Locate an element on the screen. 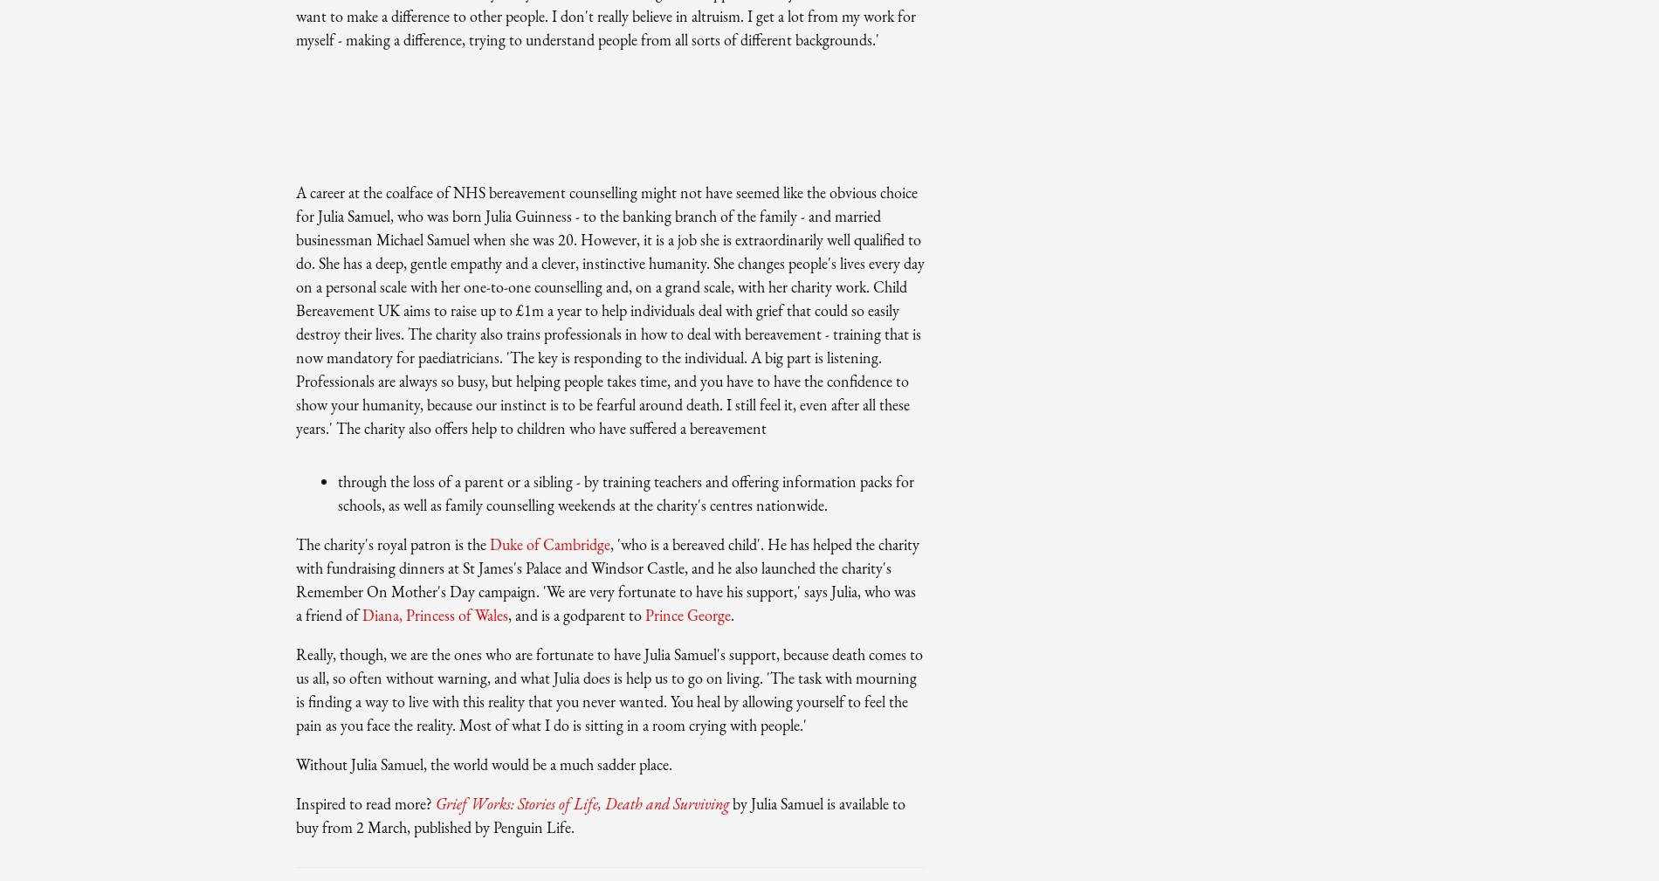 The width and height of the screenshot is (1659, 881). 'Really, though, we are the ones who are fortunate to have Julia Samuel's support, because death comes to us all, so often without warning, and what Julia does is help us to go on living. 'The task with mourning is finding a way to live with this reality that you never wanted. You heal by allowing yourself to feel the pain as you face the reality. Most of what I do is sitting in a room crying with people.'' is located at coordinates (609, 689).